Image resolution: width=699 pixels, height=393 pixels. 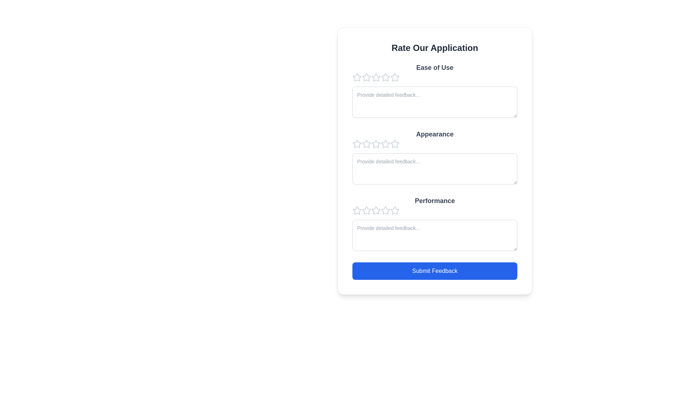 What do you see at coordinates (384, 210) in the screenshot?
I see `the third star from the left in the Performance rating section to set the rating to 3` at bounding box center [384, 210].